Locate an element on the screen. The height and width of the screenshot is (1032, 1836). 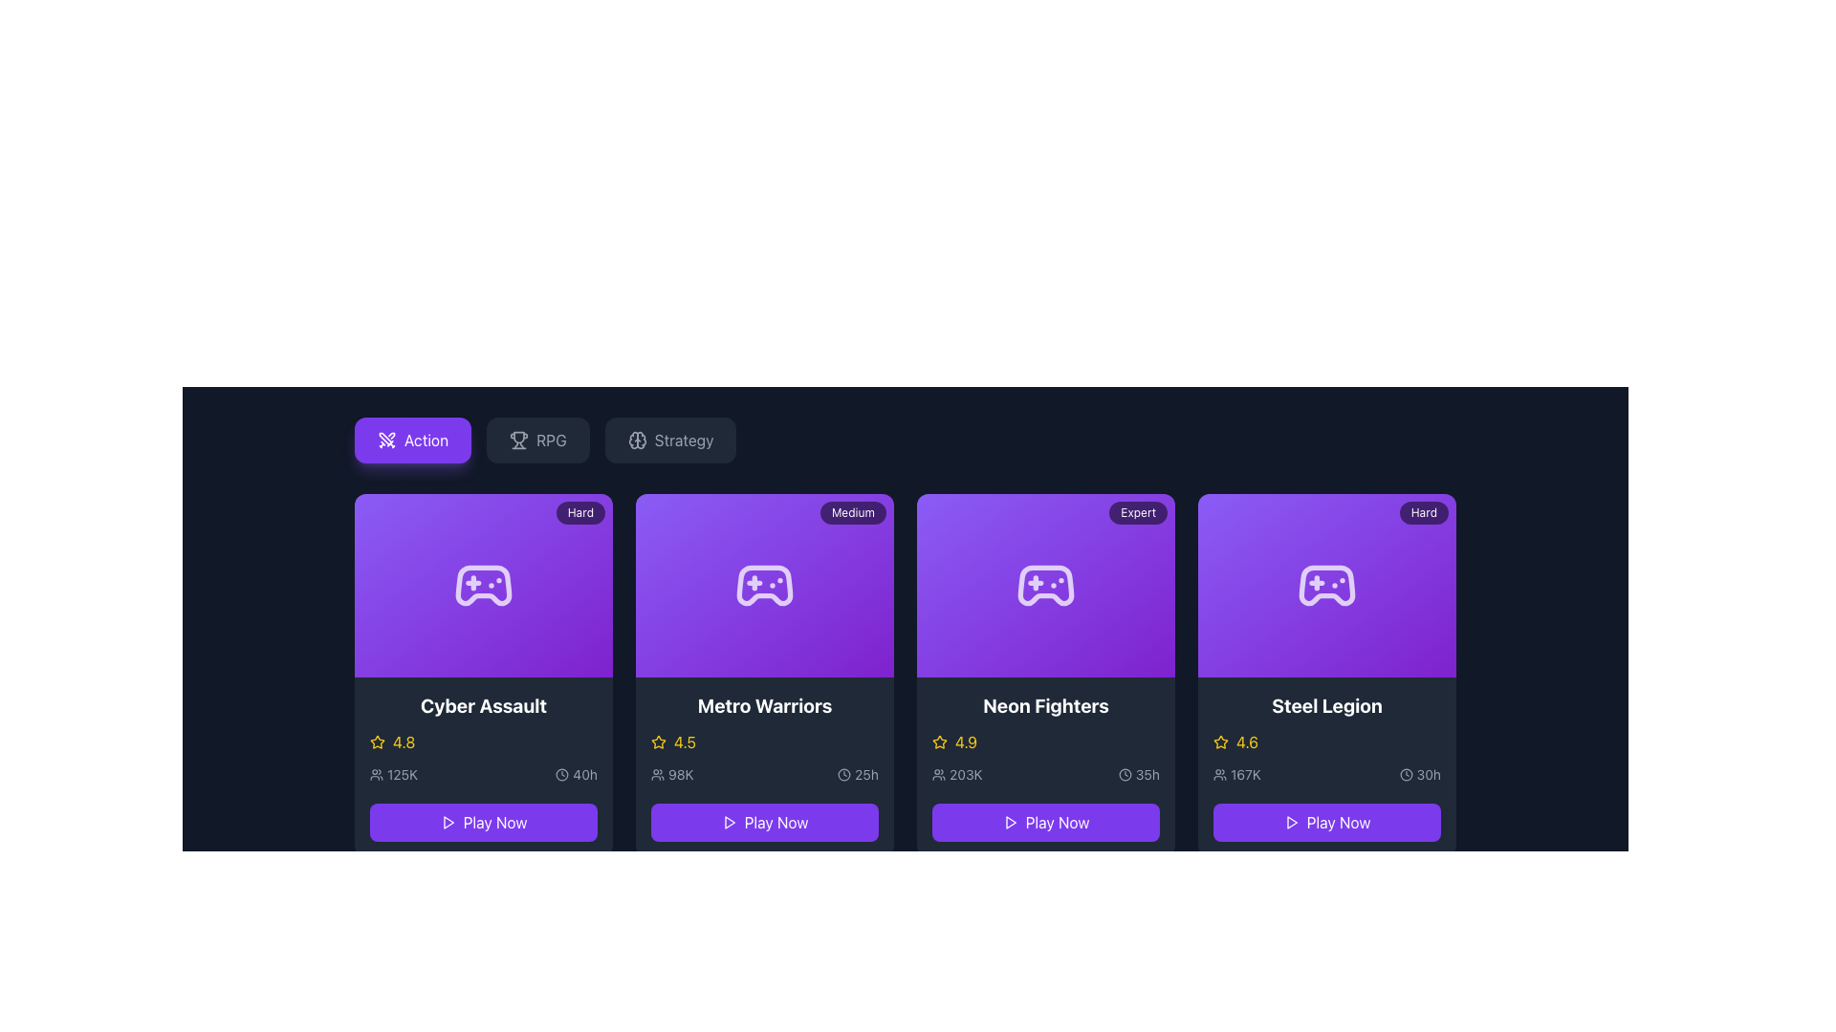
information displayed on the 'Metro Warriors' game card, which is the second card in the set and contains details about the game such as its name, rating, number of players, and approximate playtime is located at coordinates (765, 765).